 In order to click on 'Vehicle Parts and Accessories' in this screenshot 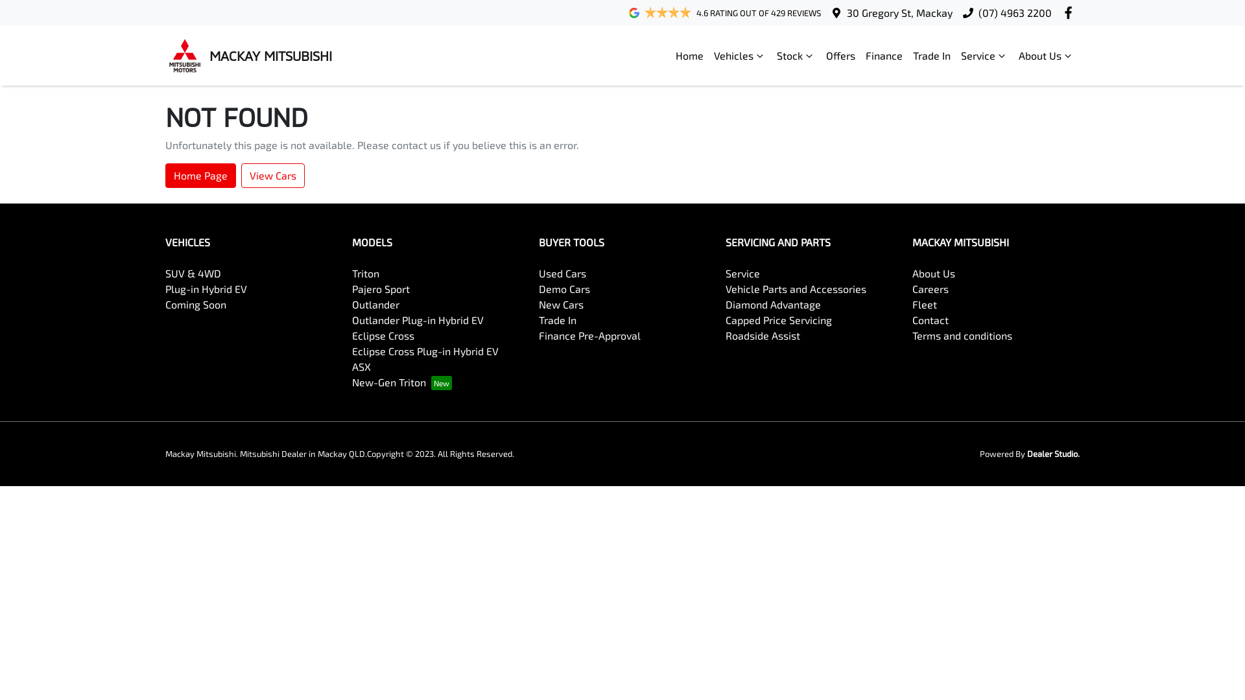, I will do `click(724, 288)`.